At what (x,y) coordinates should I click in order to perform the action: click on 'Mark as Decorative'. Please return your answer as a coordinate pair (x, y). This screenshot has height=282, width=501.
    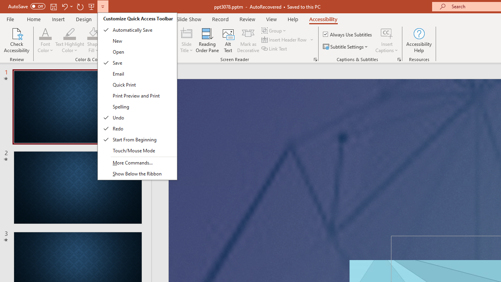
    Looking at the image, I should click on (248, 40).